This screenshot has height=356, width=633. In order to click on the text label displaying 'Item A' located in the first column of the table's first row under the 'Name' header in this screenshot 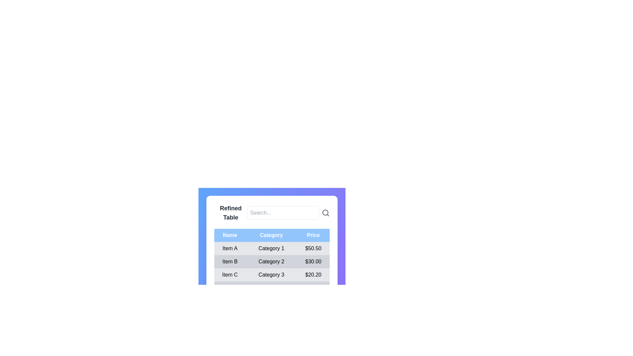, I will do `click(230, 248)`.